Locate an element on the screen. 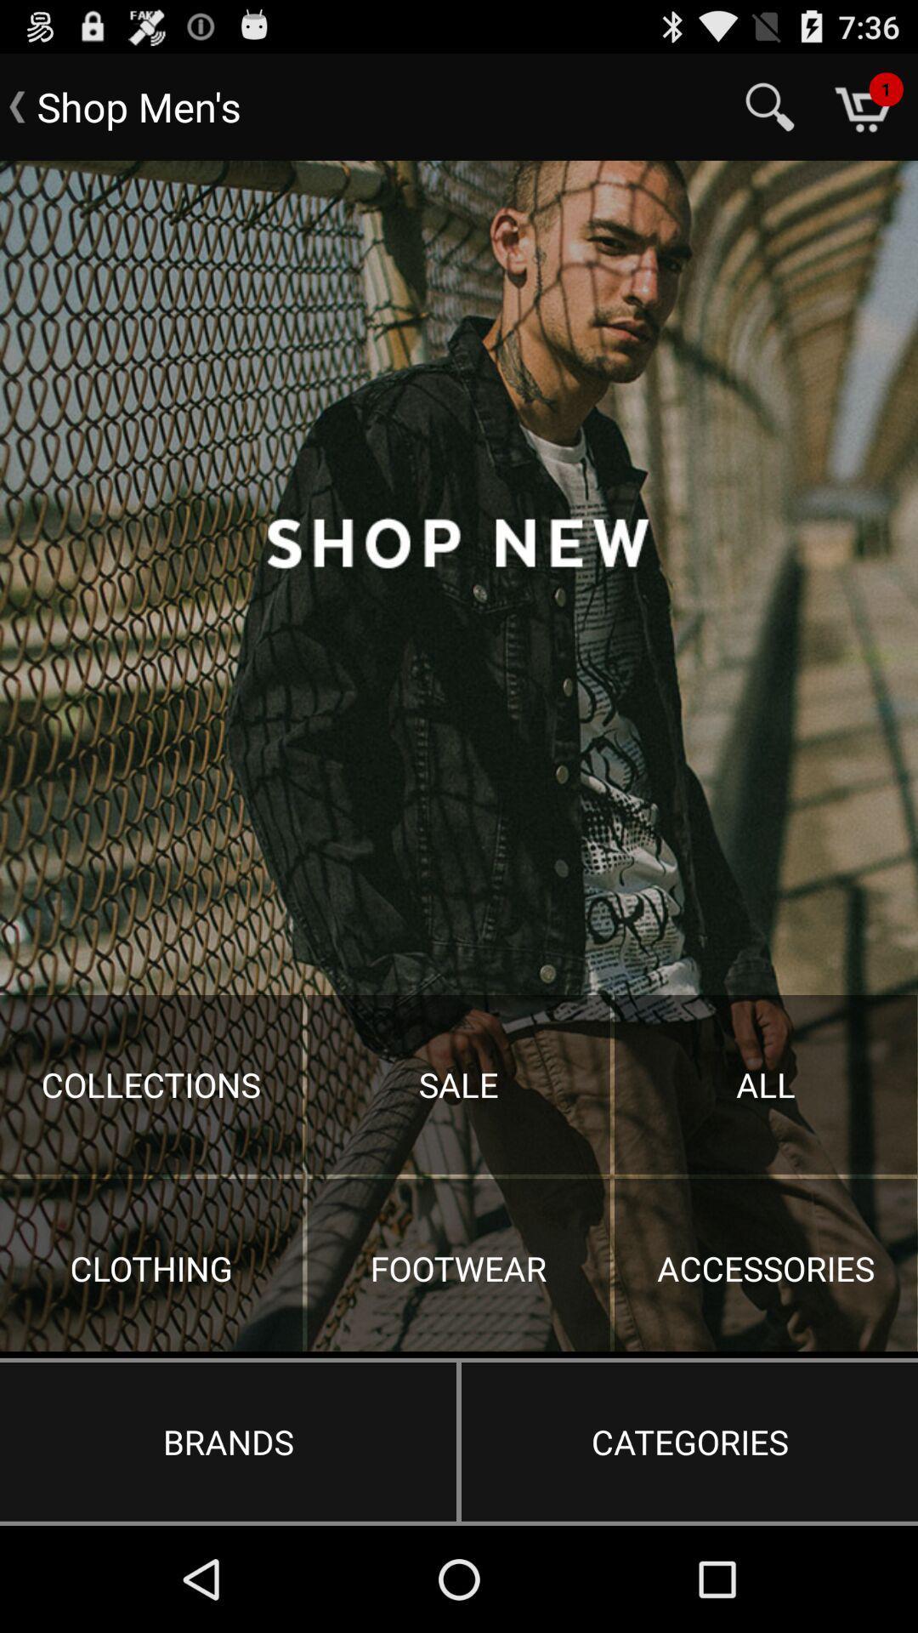 The width and height of the screenshot is (918, 1633). enter is located at coordinates (459, 755).